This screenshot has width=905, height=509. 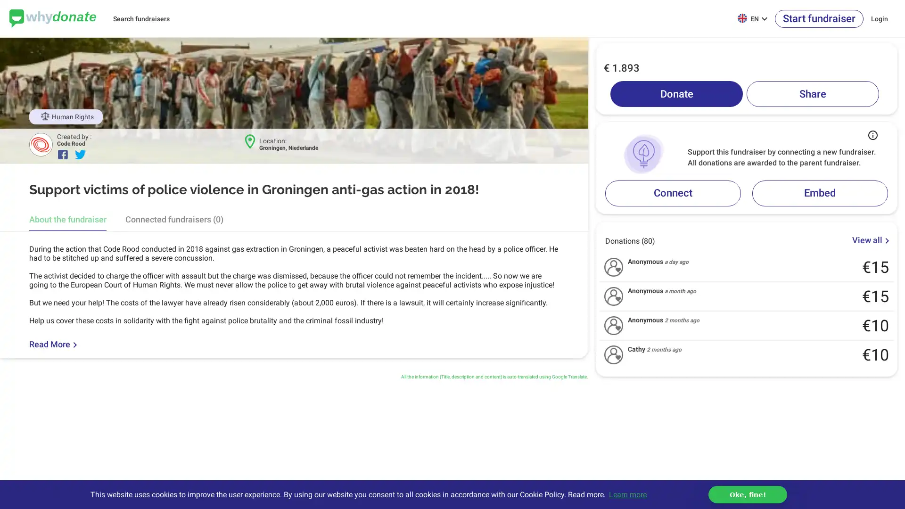 What do you see at coordinates (818, 18) in the screenshot?
I see `Start fundraiser` at bounding box center [818, 18].